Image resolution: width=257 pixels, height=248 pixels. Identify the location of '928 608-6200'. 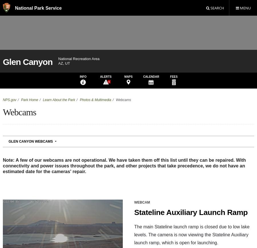
(15, 244).